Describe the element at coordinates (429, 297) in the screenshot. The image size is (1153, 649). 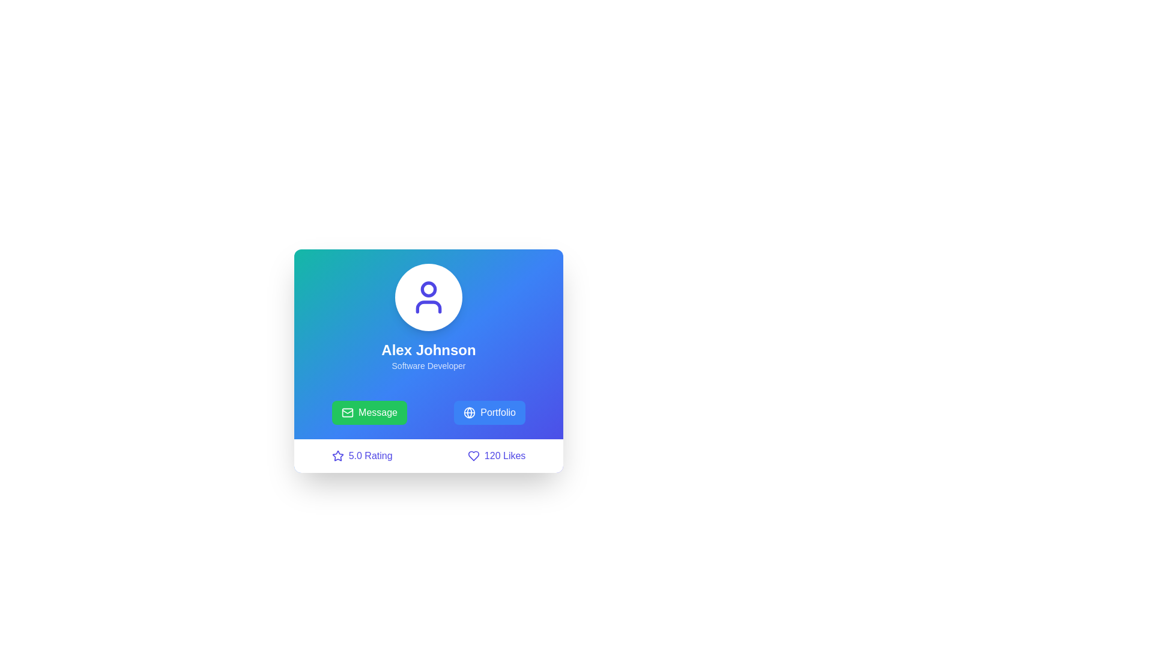
I see `the user profile icon representing Alex Johnson, which is centrally located within the profile card` at that location.